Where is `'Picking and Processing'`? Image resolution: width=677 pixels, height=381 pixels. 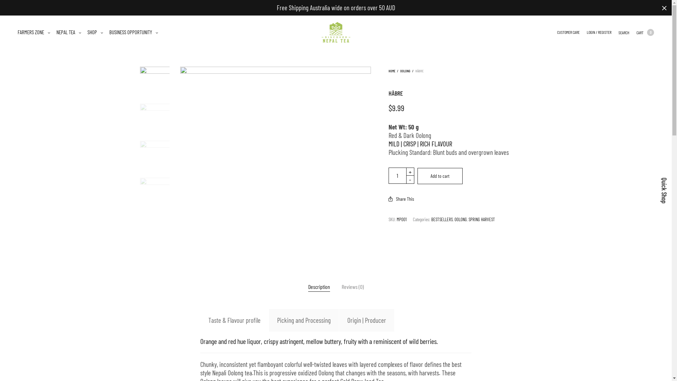 'Picking and Processing' is located at coordinates (304, 320).